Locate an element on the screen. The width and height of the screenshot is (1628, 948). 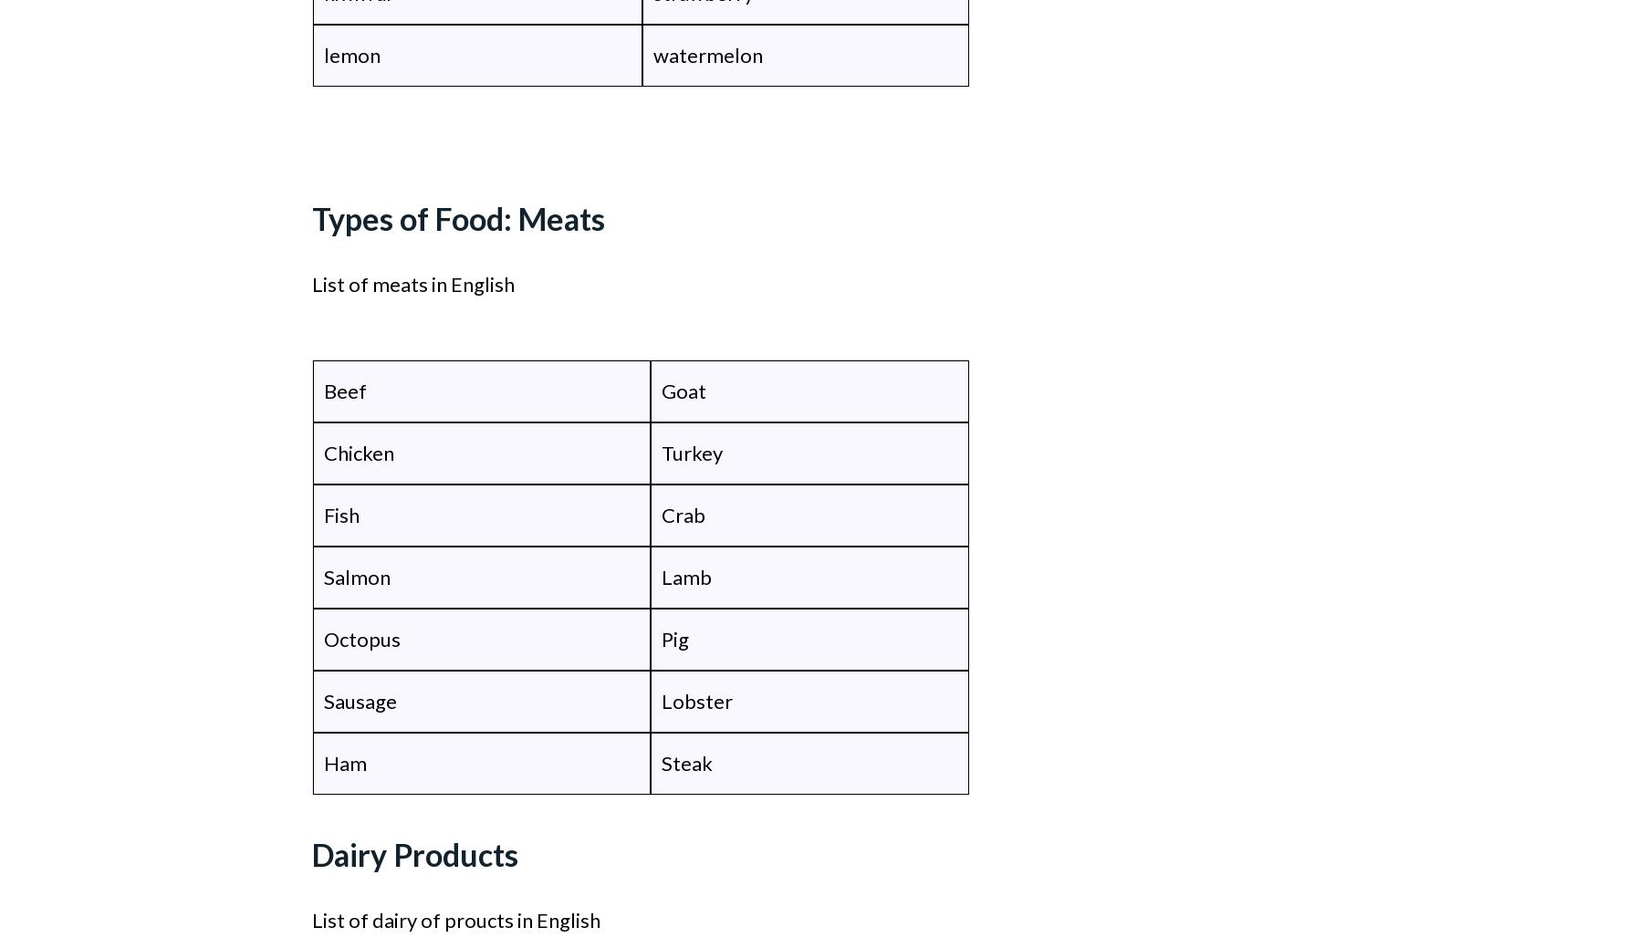
'Goat' is located at coordinates (684, 390).